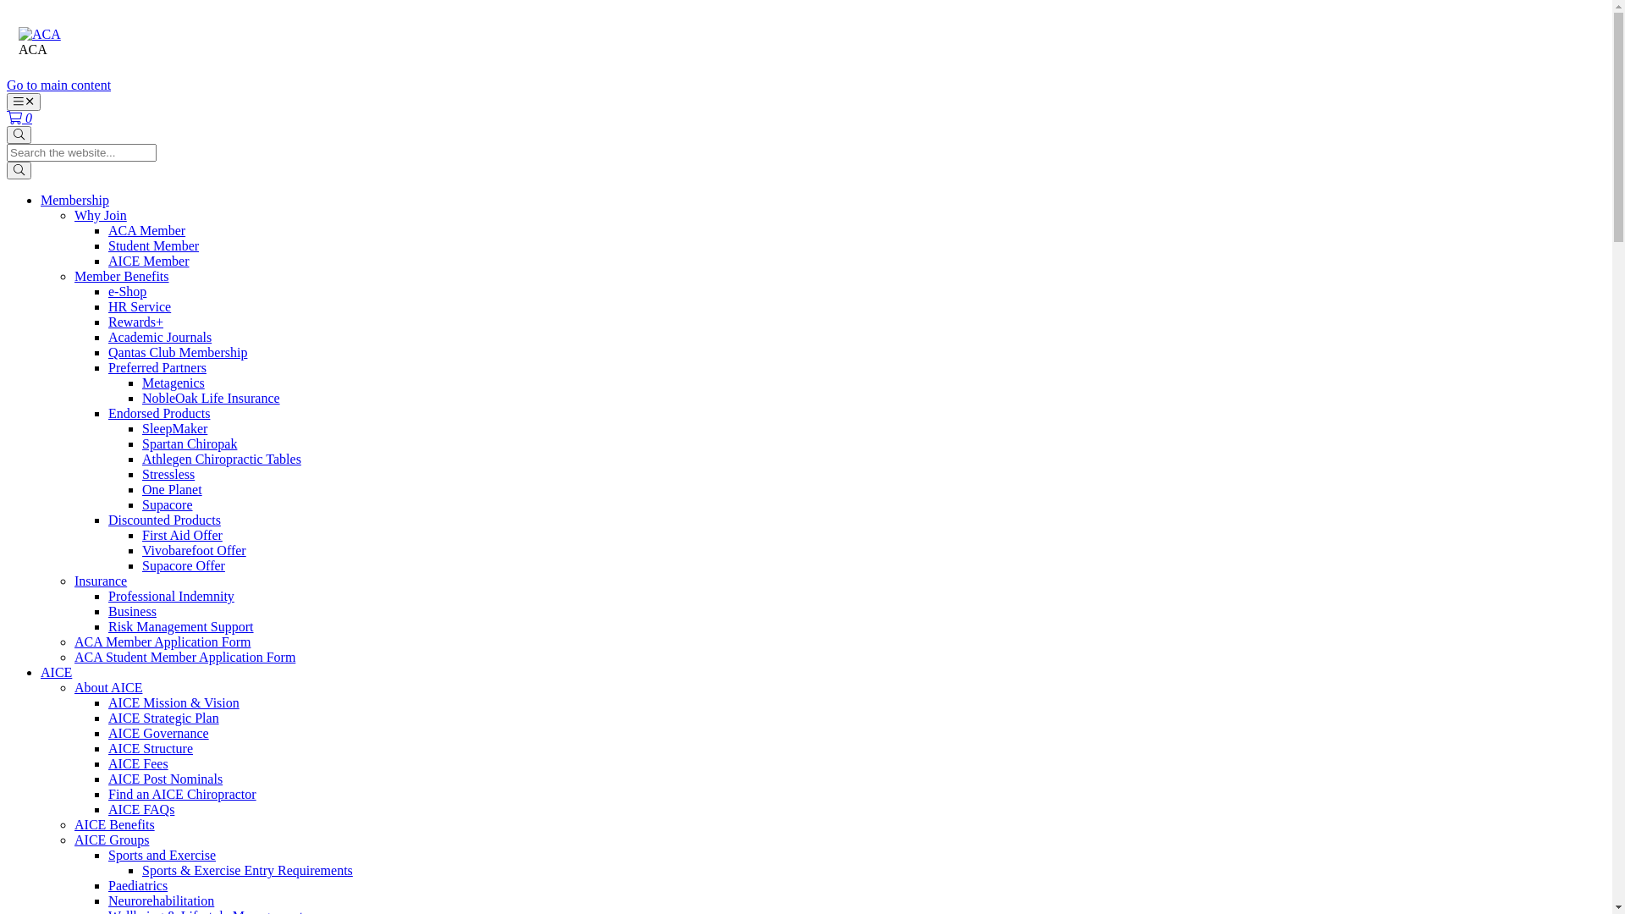 Image resolution: width=1625 pixels, height=914 pixels. What do you see at coordinates (138, 763) in the screenshot?
I see `'AICE Fees'` at bounding box center [138, 763].